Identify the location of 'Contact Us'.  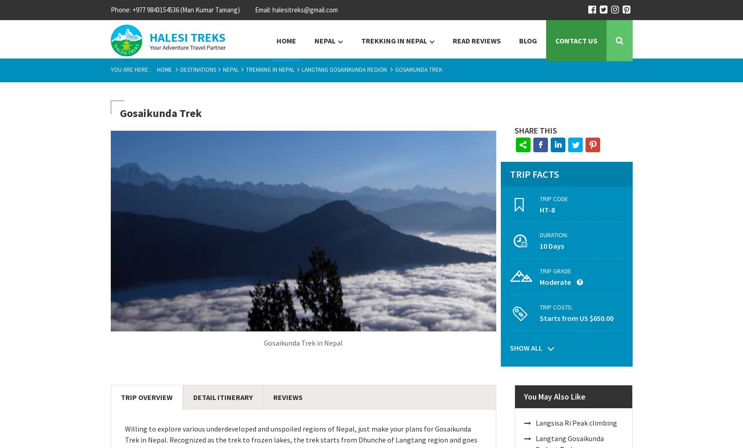
(575, 40).